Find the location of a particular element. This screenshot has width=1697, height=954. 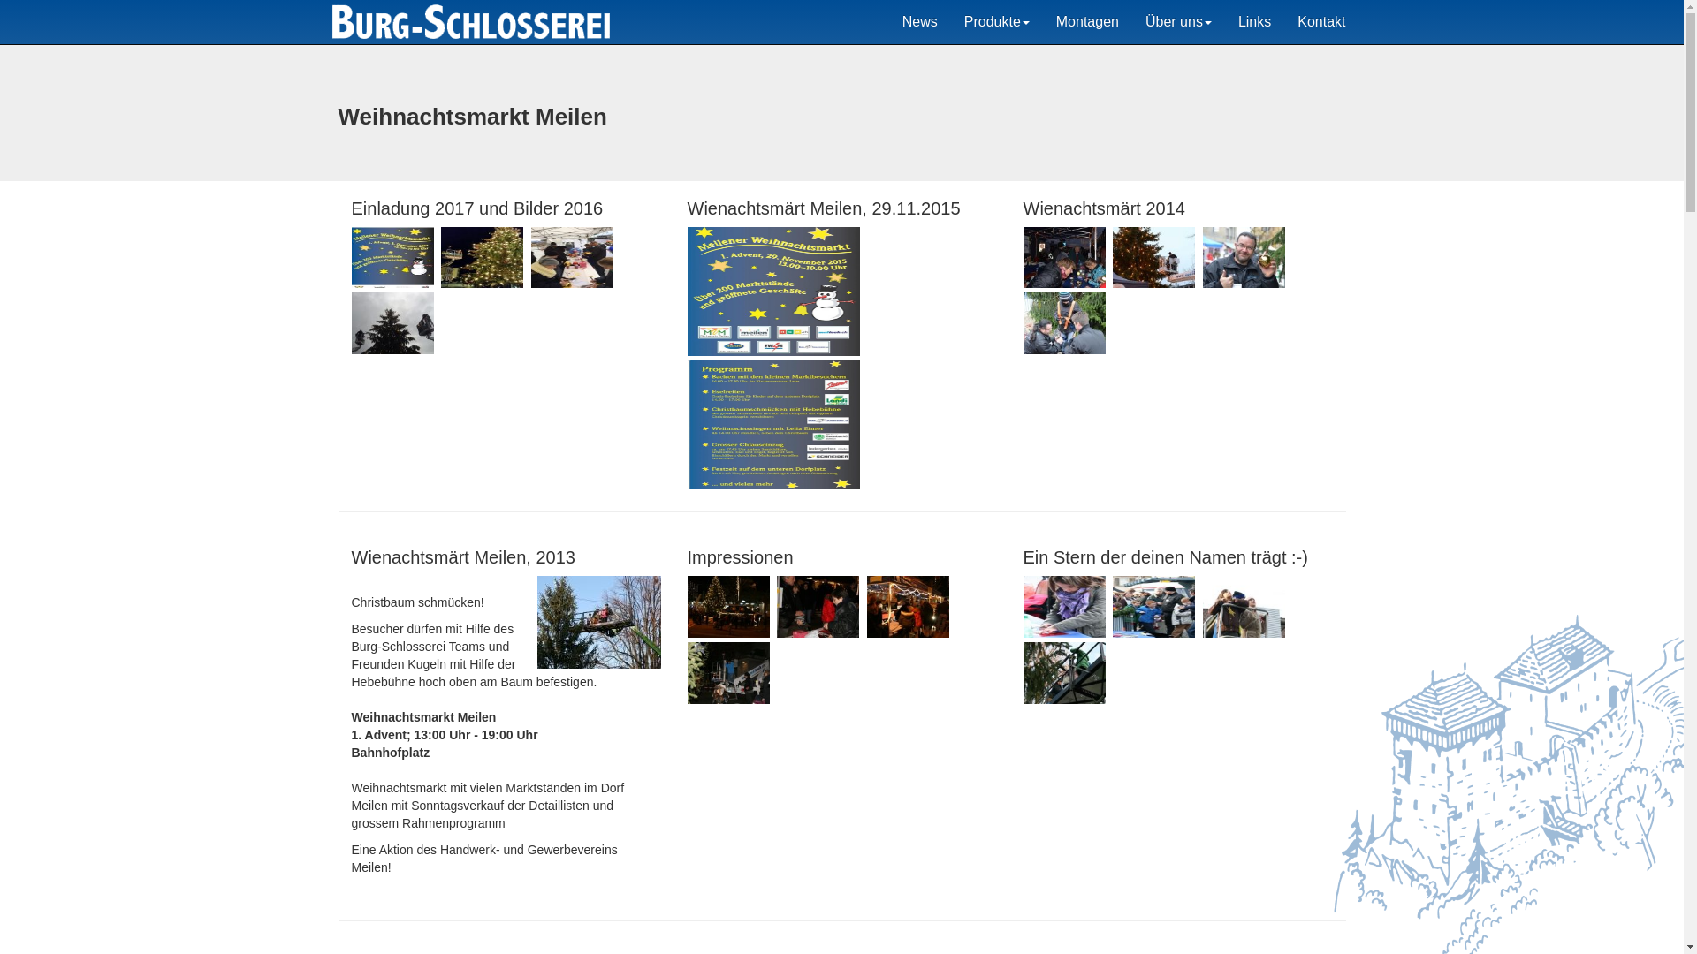

'Links' is located at coordinates (1253, 21).